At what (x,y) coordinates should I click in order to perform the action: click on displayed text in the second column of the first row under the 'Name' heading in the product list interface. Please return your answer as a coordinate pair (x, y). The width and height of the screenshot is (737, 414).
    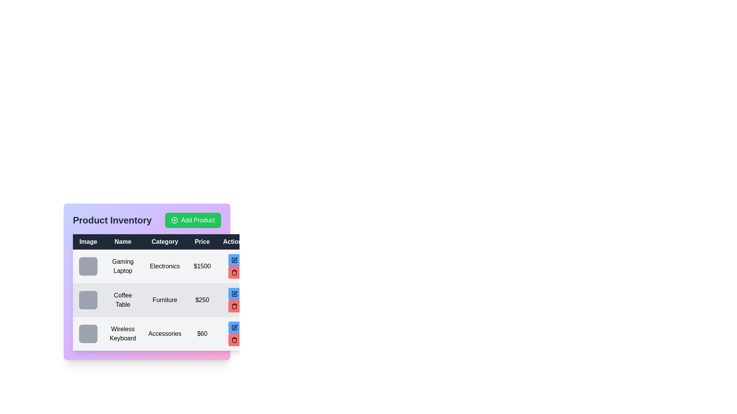
    Looking at the image, I should click on (123, 266).